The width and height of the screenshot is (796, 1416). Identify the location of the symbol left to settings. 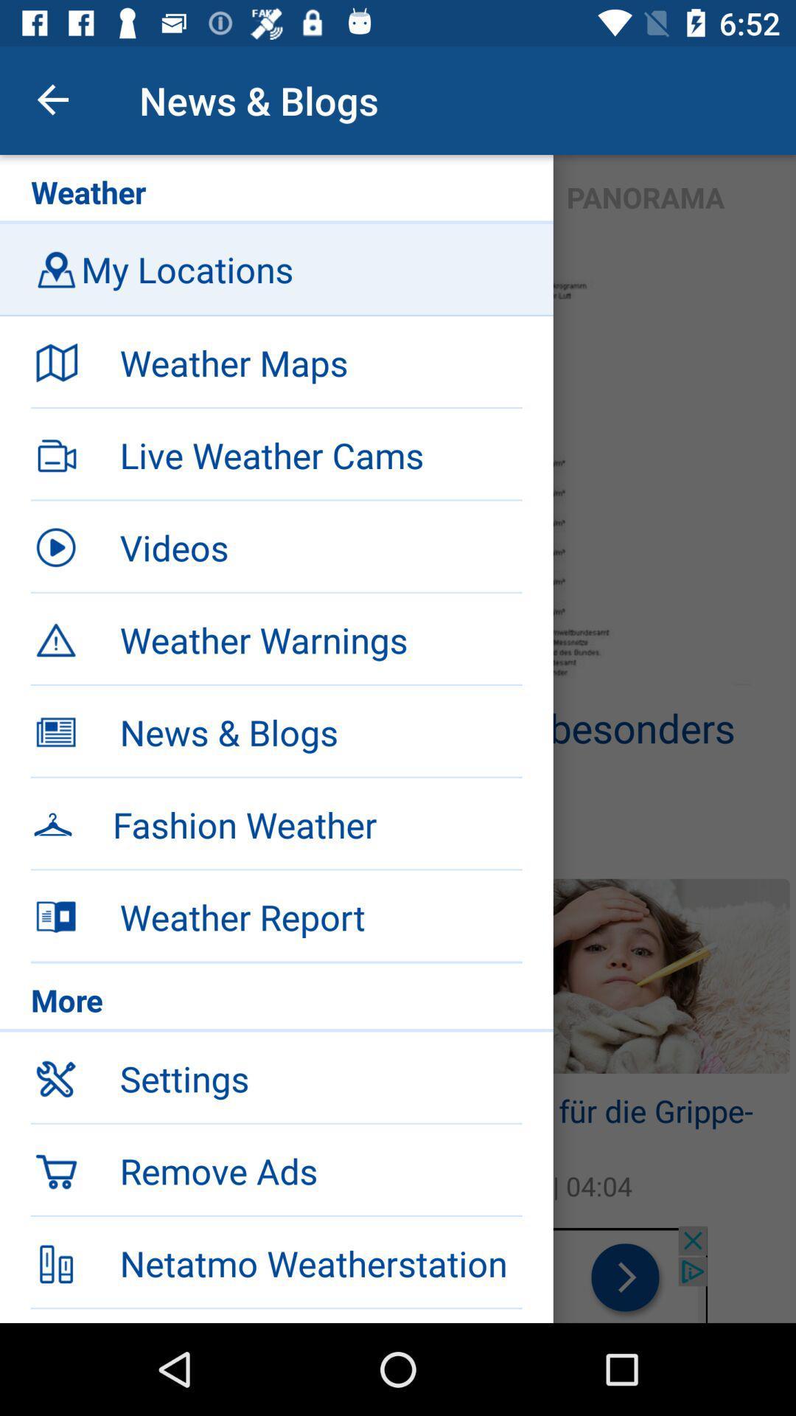
(55, 1078).